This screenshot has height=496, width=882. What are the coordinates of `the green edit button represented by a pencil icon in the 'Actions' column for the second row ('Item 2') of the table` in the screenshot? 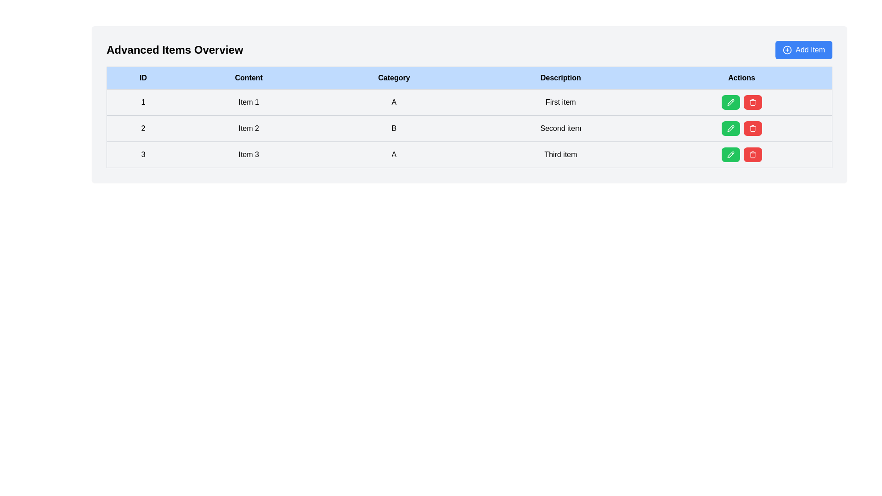 It's located at (730, 102).